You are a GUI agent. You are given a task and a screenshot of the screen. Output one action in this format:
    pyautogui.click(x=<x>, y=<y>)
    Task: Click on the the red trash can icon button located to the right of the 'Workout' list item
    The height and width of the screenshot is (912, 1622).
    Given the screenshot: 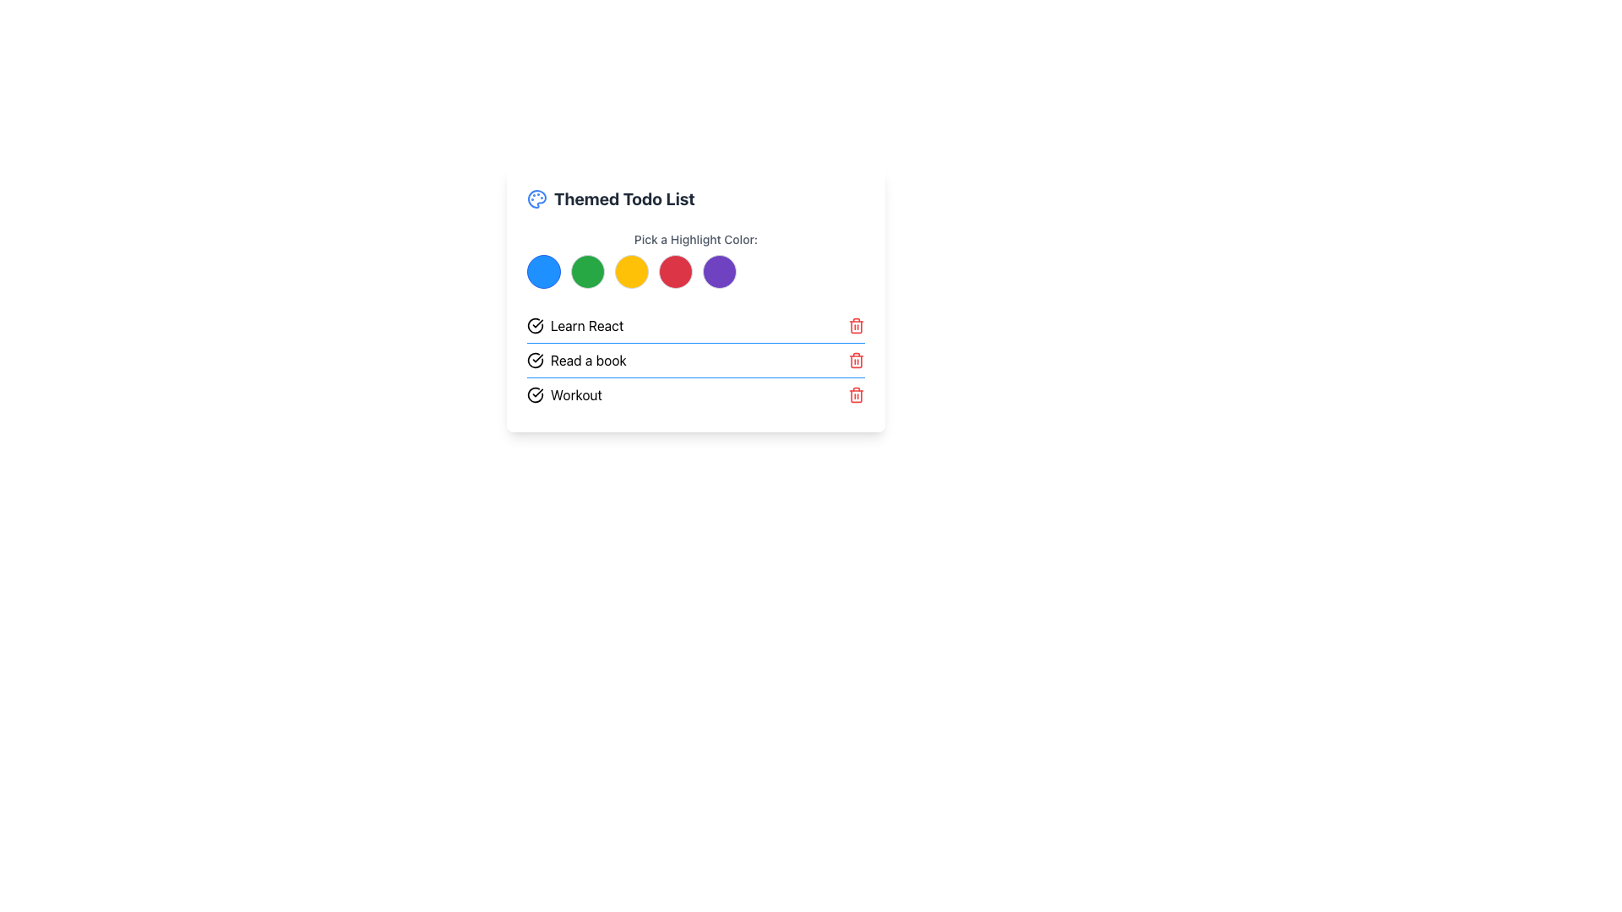 What is the action you would take?
    pyautogui.click(x=856, y=394)
    